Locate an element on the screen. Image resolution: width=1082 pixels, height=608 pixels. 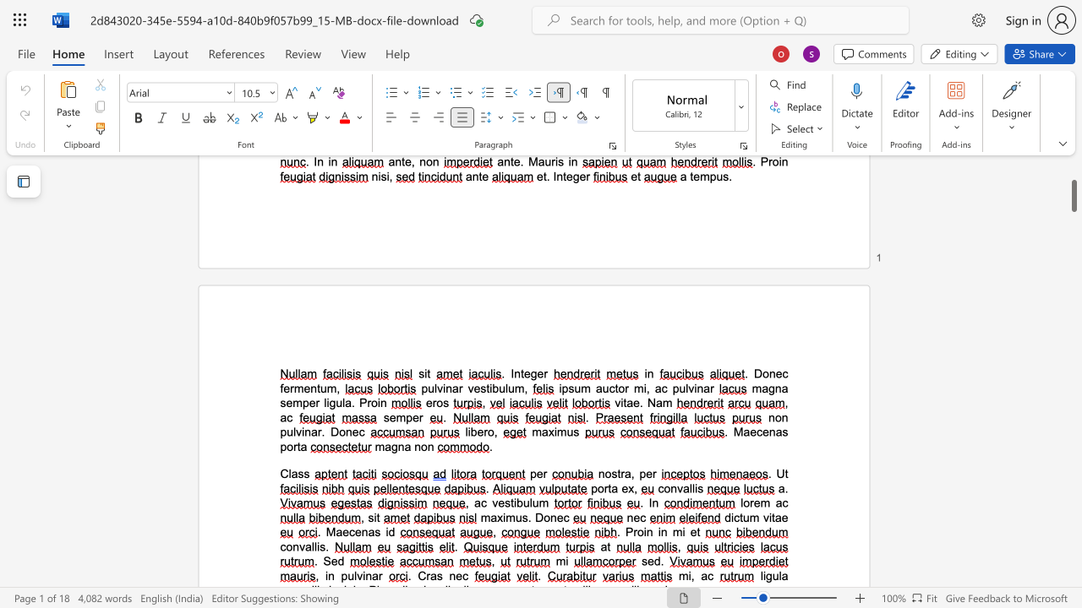
the space between the continuous character "a" and "r" in the text is located at coordinates (317, 431).